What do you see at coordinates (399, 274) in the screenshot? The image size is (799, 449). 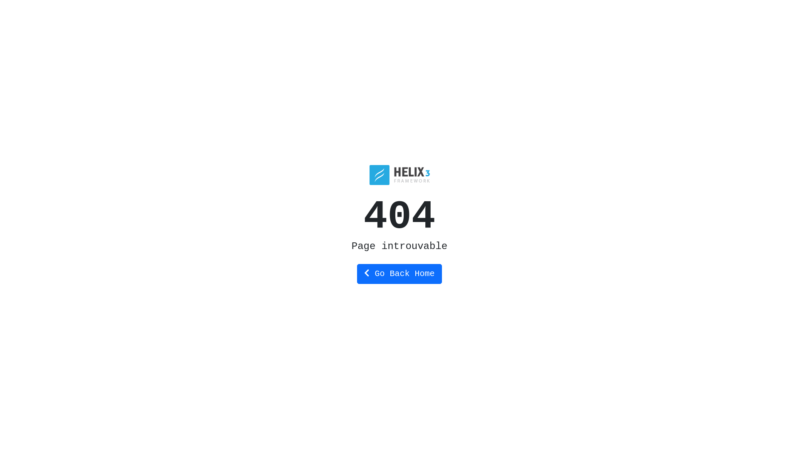 I see `'Go Back Home'` at bounding box center [399, 274].